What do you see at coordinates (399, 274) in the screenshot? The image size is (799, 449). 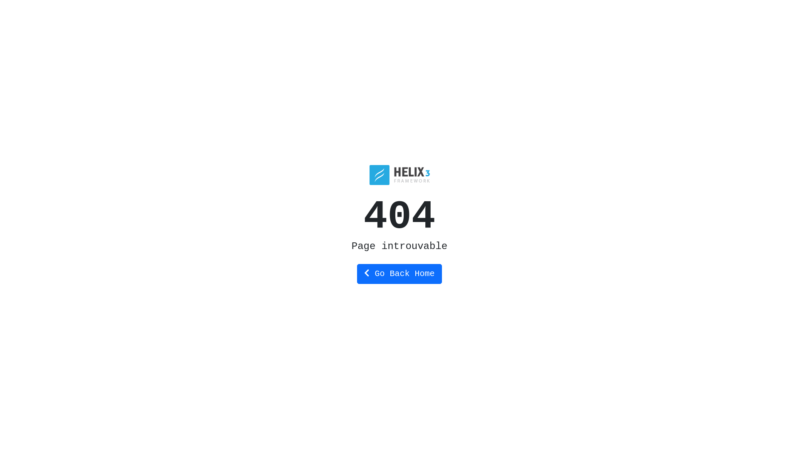 I see `'Go Back Home'` at bounding box center [399, 274].